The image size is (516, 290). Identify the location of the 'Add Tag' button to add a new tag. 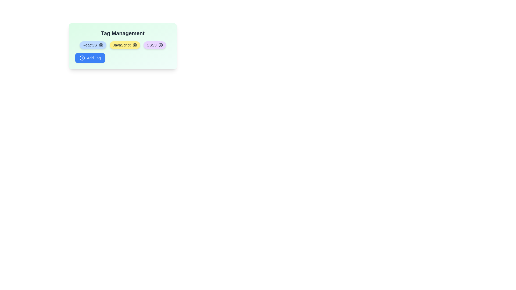
(90, 58).